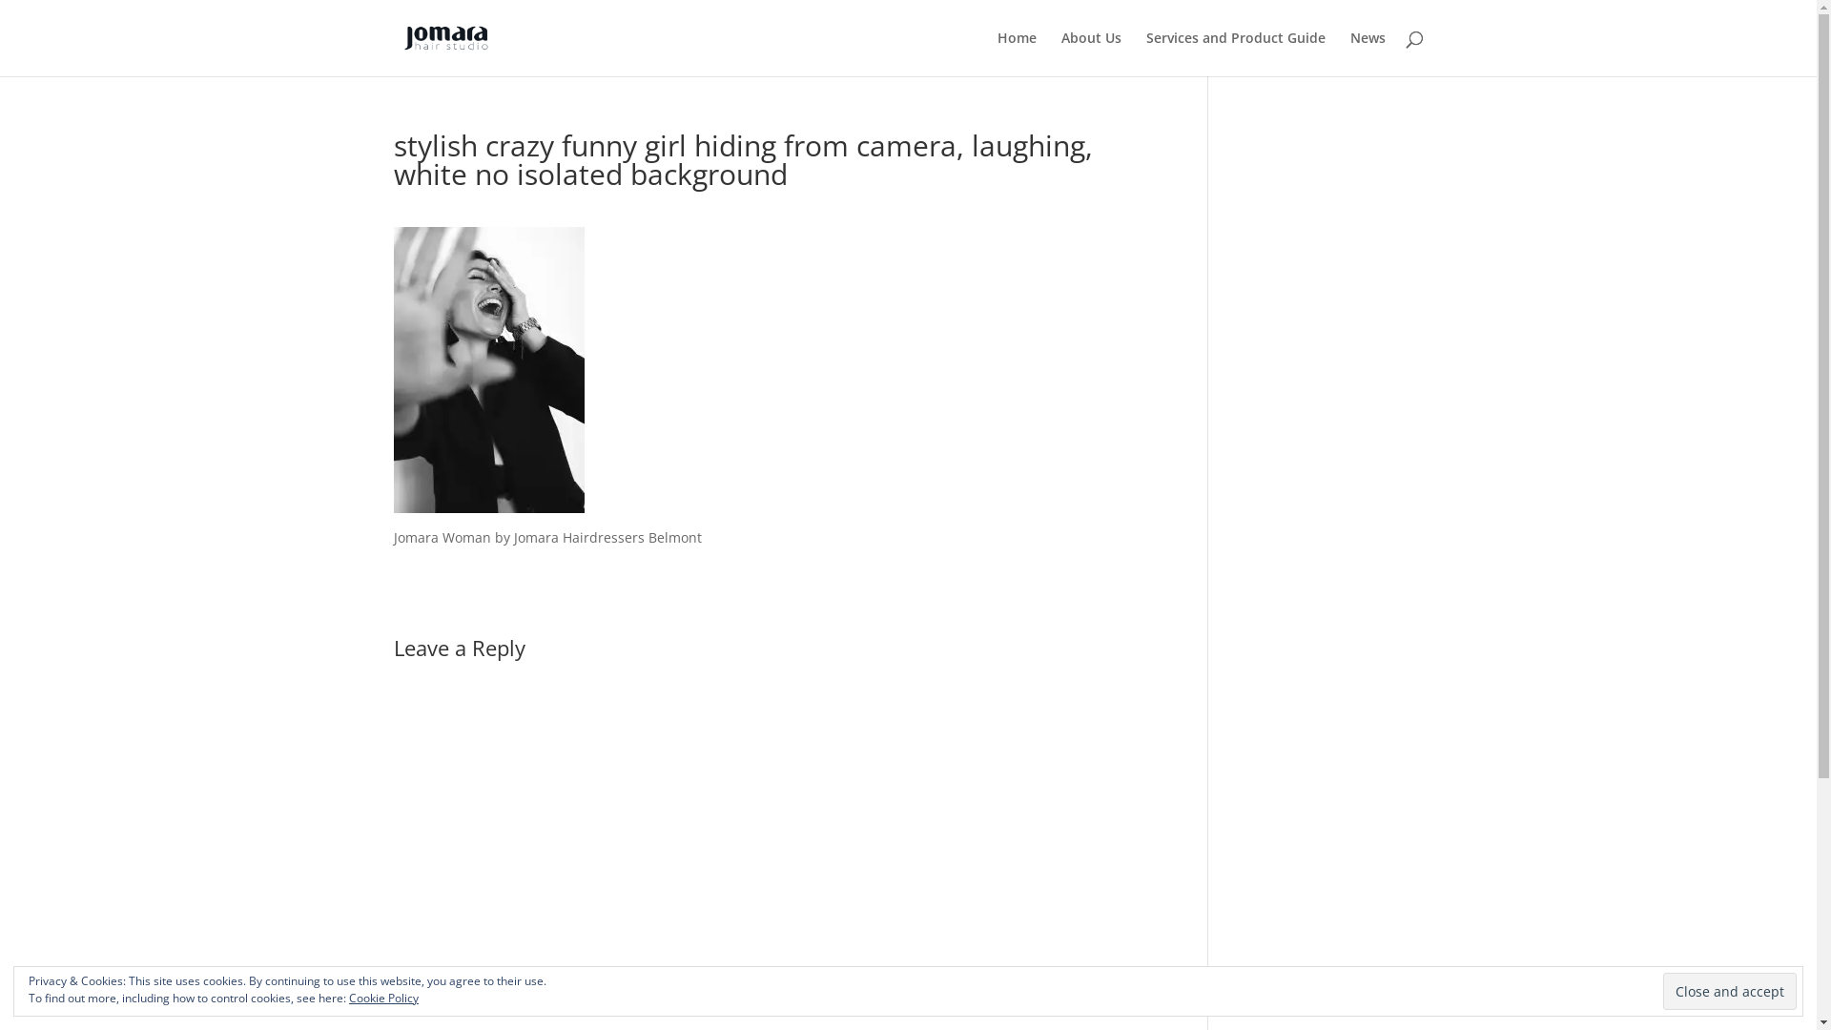 The image size is (1831, 1030). Describe the element at coordinates (1367, 52) in the screenshot. I see `'News'` at that location.